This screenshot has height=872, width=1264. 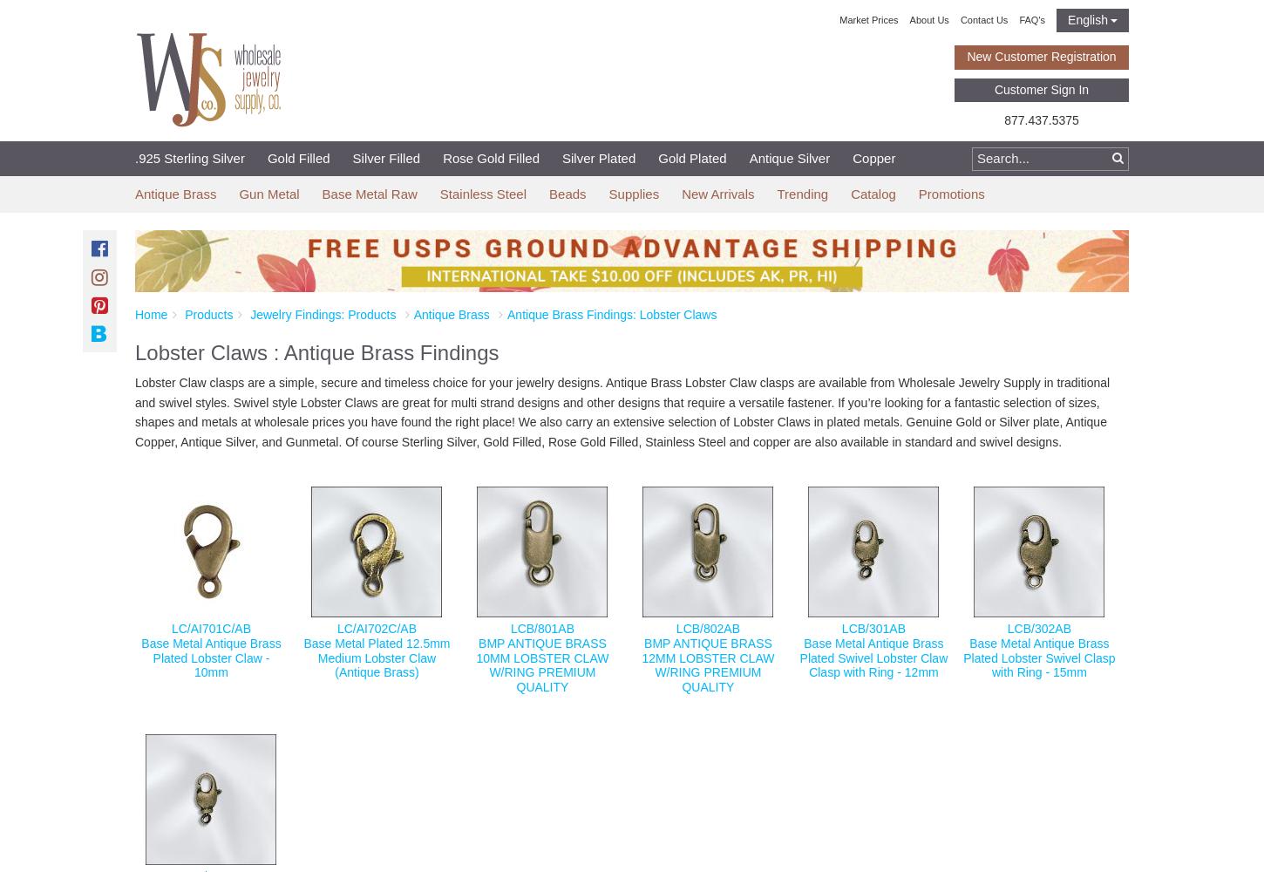 What do you see at coordinates (541, 664) in the screenshot?
I see `'BMP ANTIQUE BRASS 10MM LOBSTER CLAW W/RING PREMIUM QUALITY'` at bounding box center [541, 664].